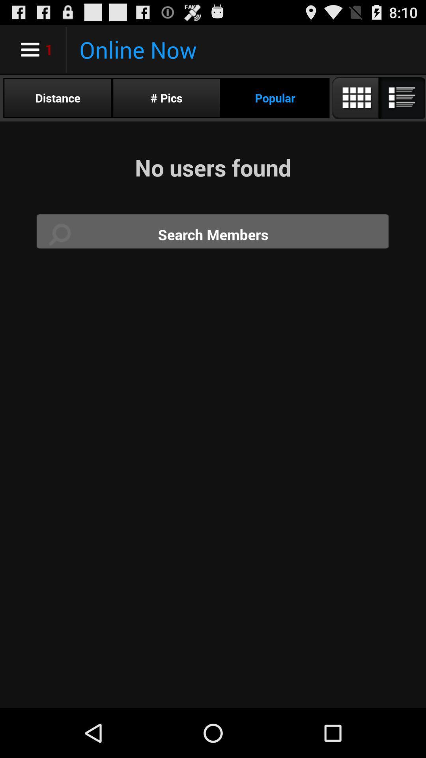 This screenshot has height=758, width=426. I want to click on icon above no users found app, so click(377, 98).